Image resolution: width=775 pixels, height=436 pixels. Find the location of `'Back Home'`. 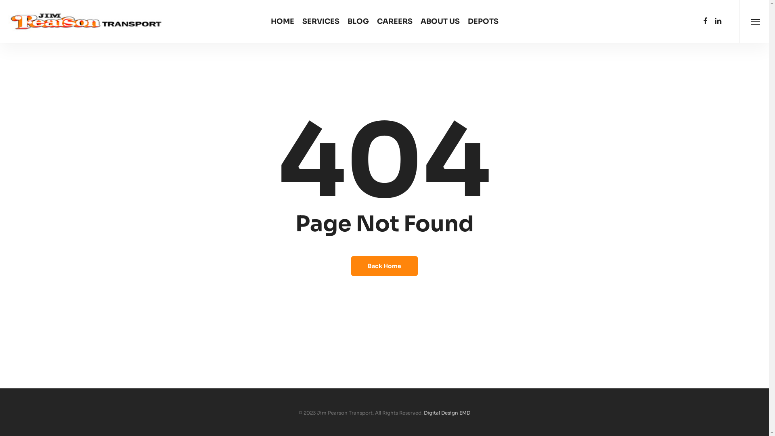

'Back Home' is located at coordinates (384, 266).